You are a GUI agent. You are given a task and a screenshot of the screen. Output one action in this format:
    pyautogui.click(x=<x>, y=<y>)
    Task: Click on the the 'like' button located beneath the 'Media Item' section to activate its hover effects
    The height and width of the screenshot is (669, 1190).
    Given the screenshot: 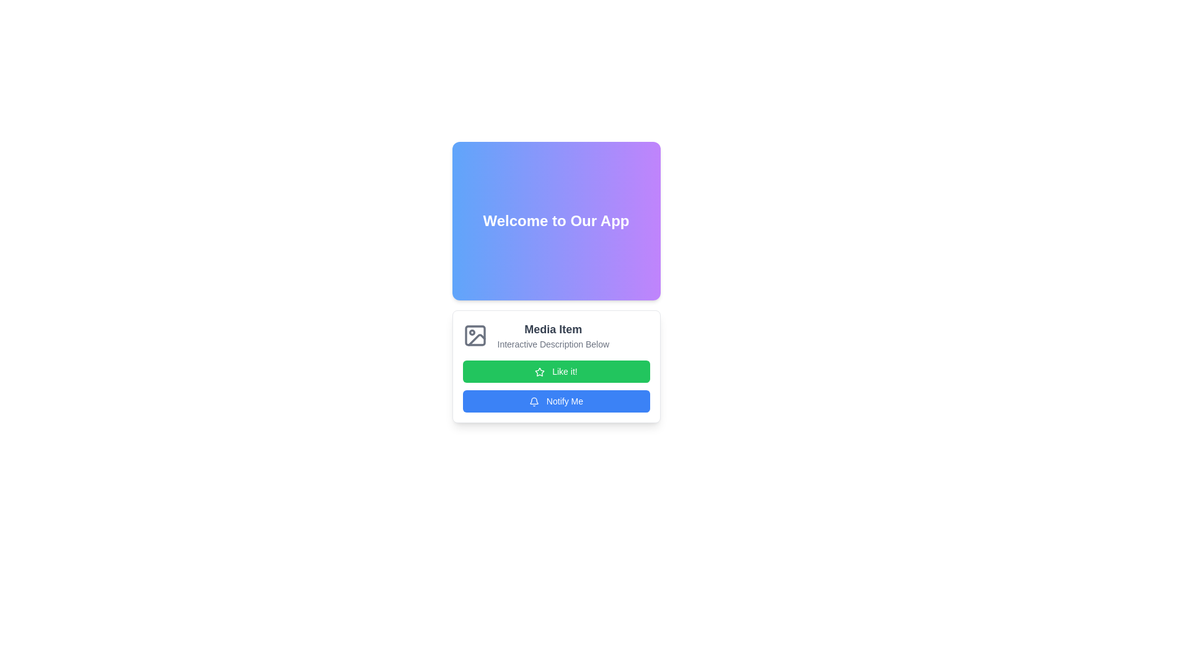 What is the action you would take?
    pyautogui.click(x=555, y=371)
    